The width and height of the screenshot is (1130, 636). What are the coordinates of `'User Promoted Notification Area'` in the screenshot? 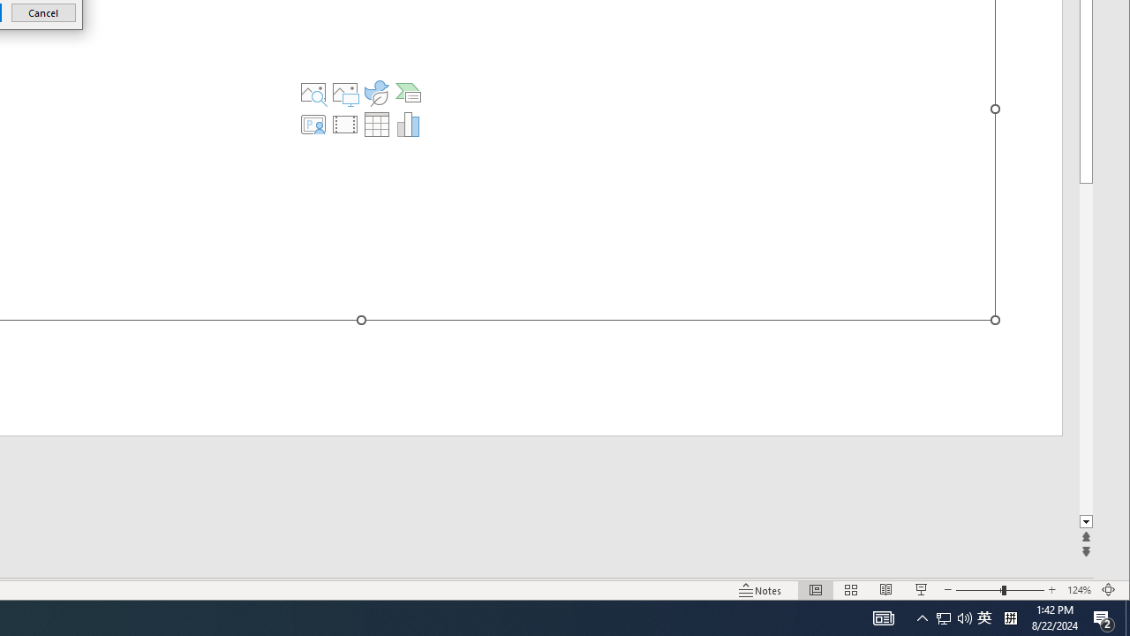 It's located at (953, 617).